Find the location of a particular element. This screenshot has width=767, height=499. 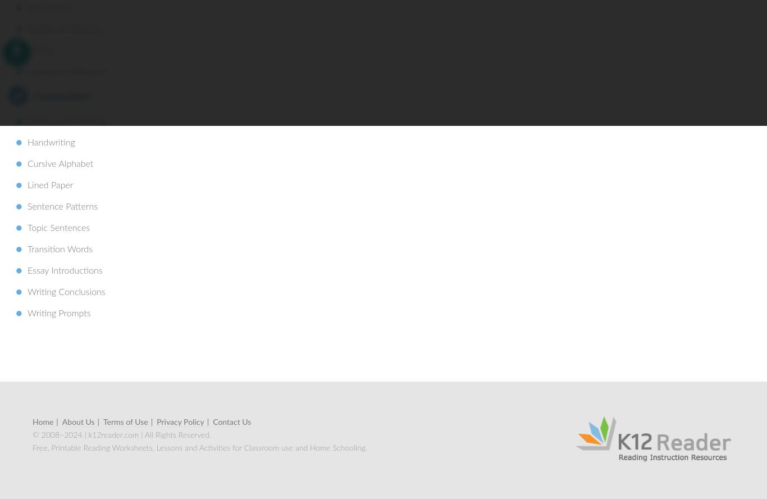

'Free, Printable Reading Worksheets, Lessons and Activities for Classroom use and Home Schooling.' is located at coordinates (199, 447).